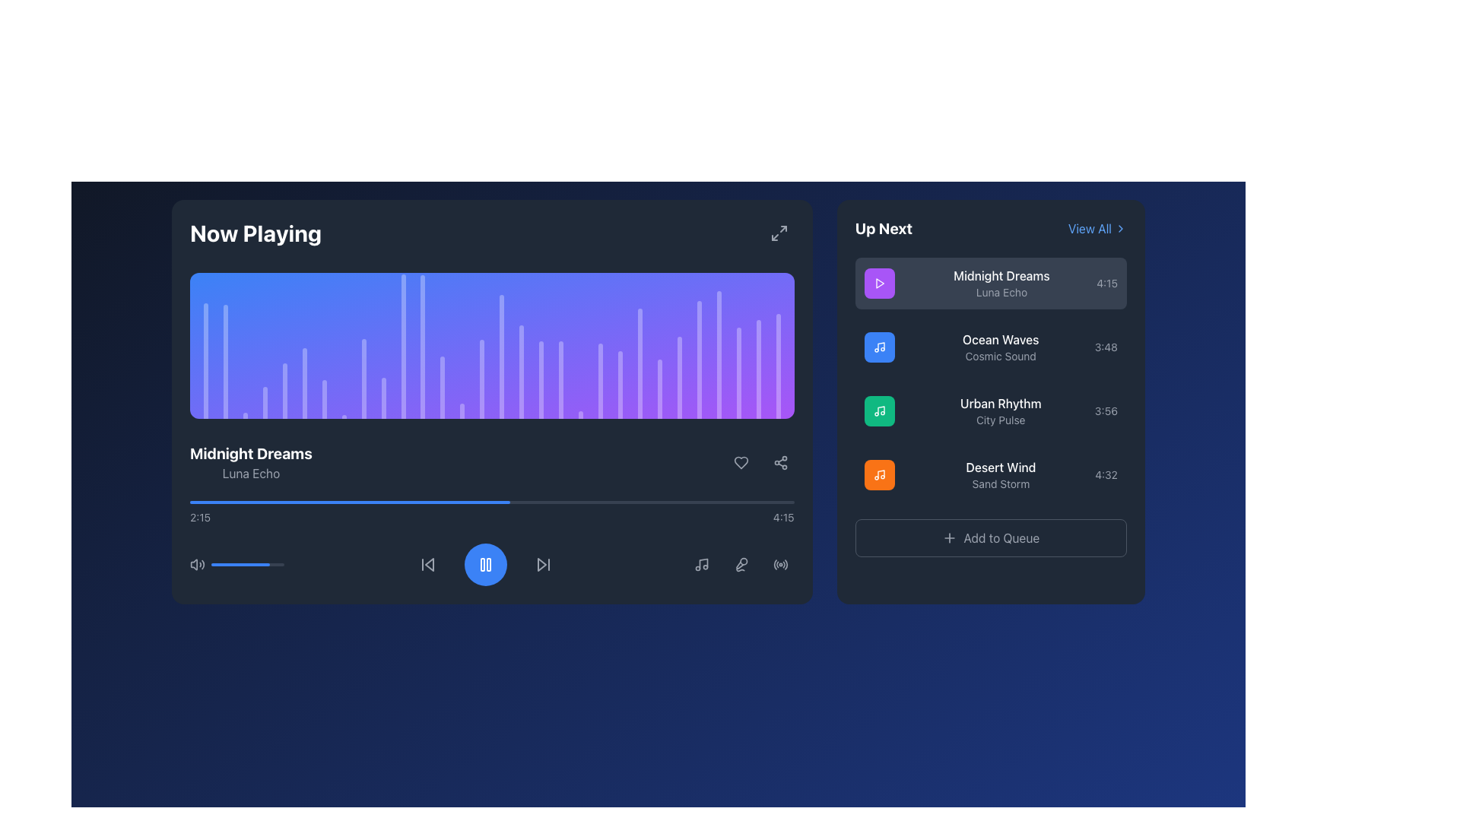 This screenshot has height=821, width=1460. I want to click on the progress bar, so click(467, 502).